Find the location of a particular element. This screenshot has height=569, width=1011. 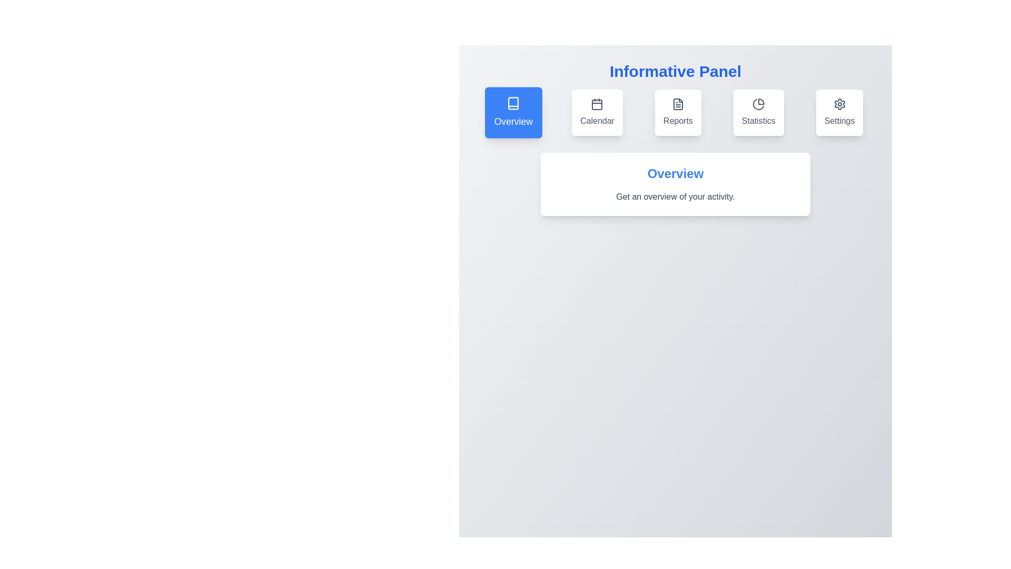

the 'Calendar' button, which is a rectangular button with a white background, a calendar icon, and the label 'Calendar' below it, located in the second position from the left in a horizontal menu bar is located at coordinates (597, 112).